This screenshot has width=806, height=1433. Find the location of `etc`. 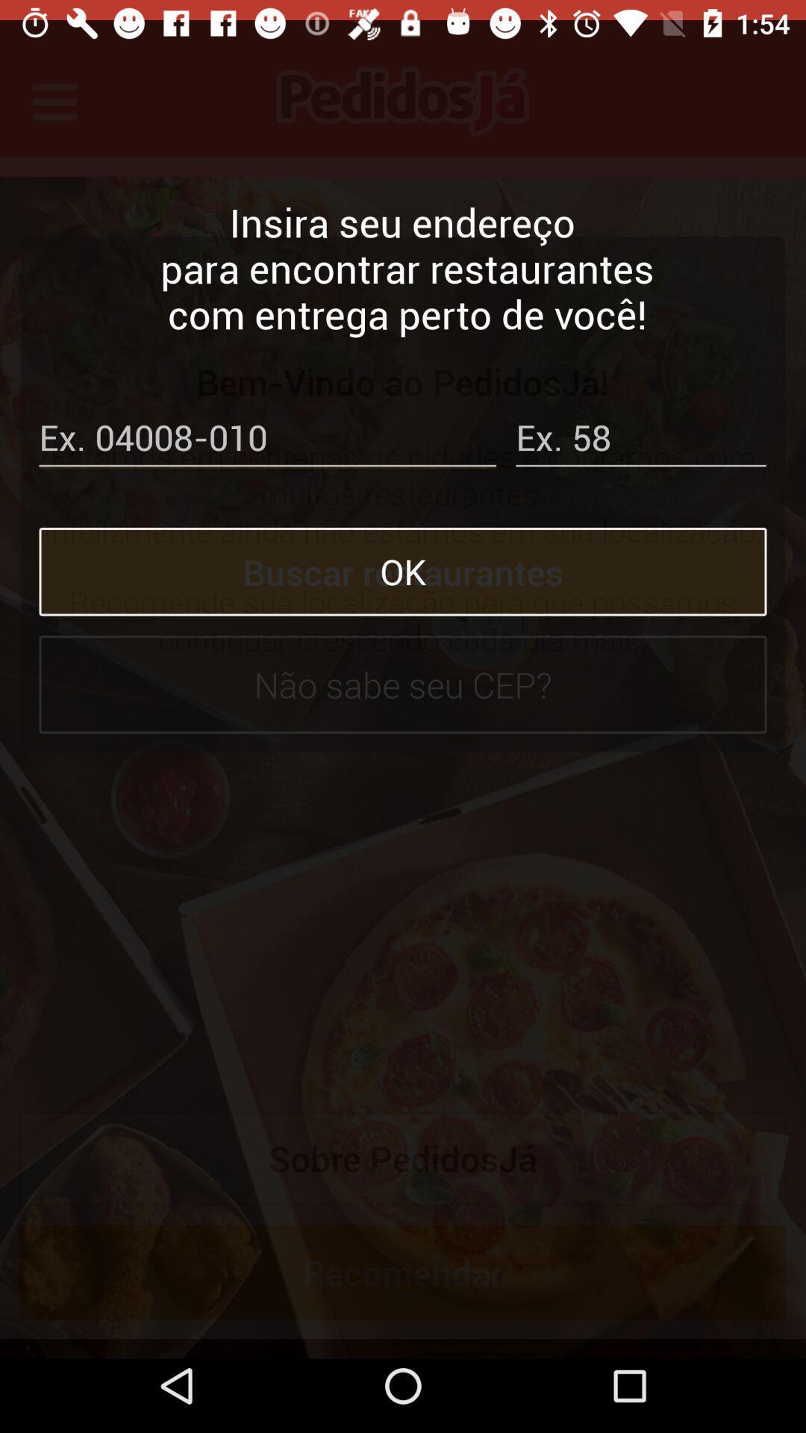

etc is located at coordinates (640, 420).